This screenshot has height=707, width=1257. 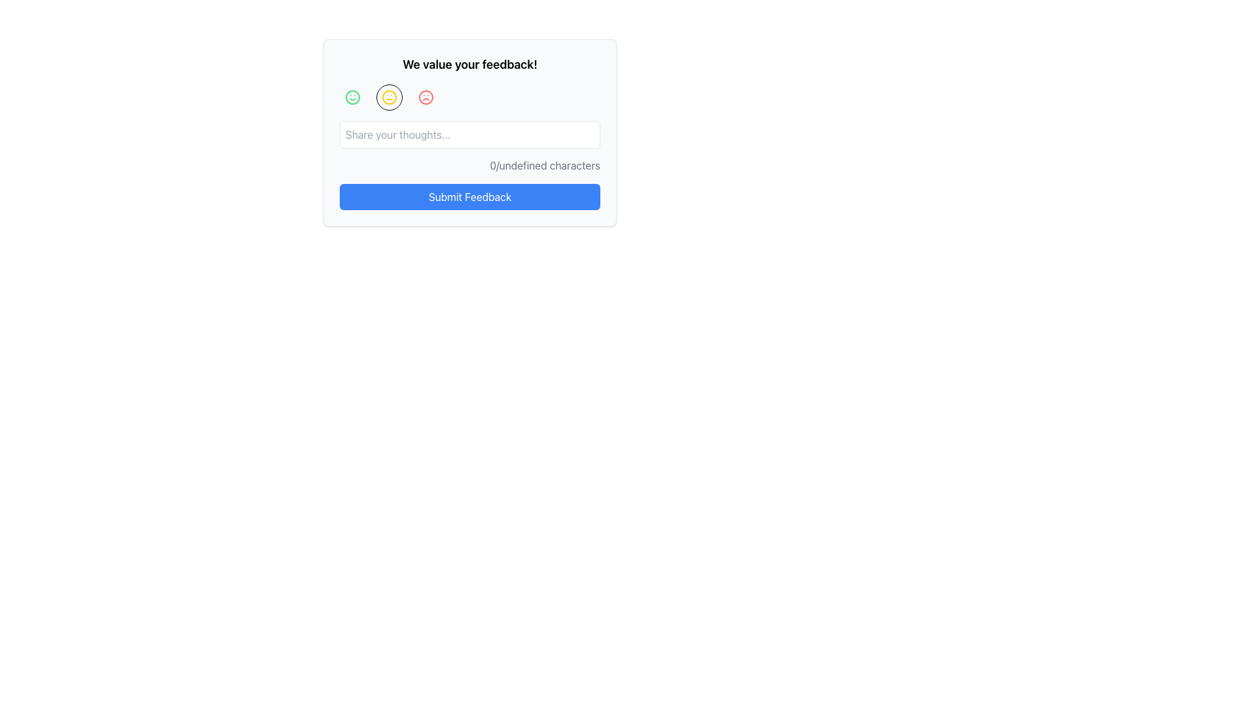 What do you see at coordinates (470, 196) in the screenshot?
I see `the feedback submission button located at the bottom of the feedback form` at bounding box center [470, 196].